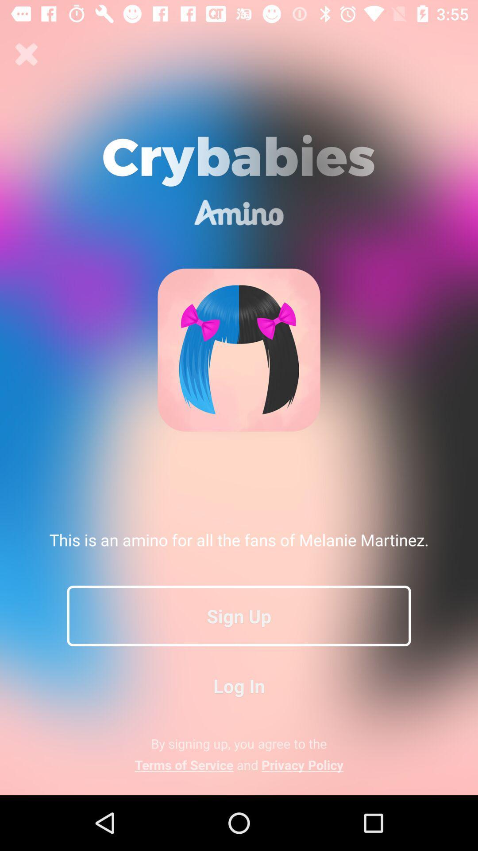 The width and height of the screenshot is (478, 851). What do you see at coordinates (239, 764) in the screenshot?
I see `terms of service app` at bounding box center [239, 764].